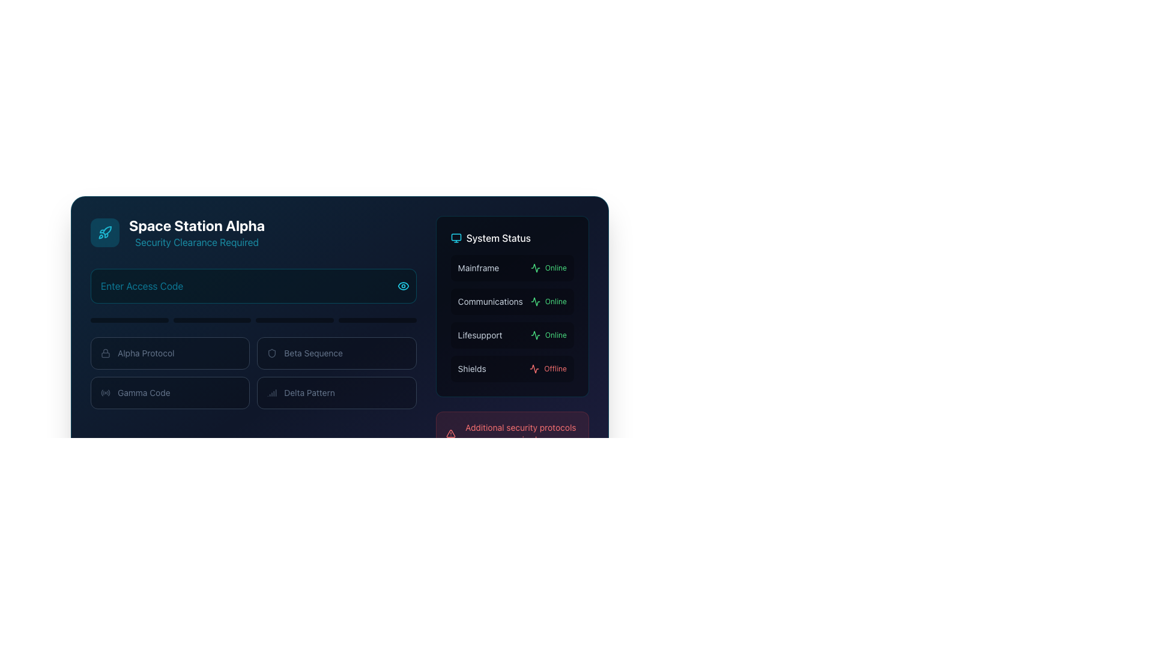  Describe the element at coordinates (512, 335) in the screenshot. I see `the Status bar indicating 'Online' for the 'Lifesupport' feature, which is located in the 'System Status' section, between 'Communications' and 'Shields'` at that location.